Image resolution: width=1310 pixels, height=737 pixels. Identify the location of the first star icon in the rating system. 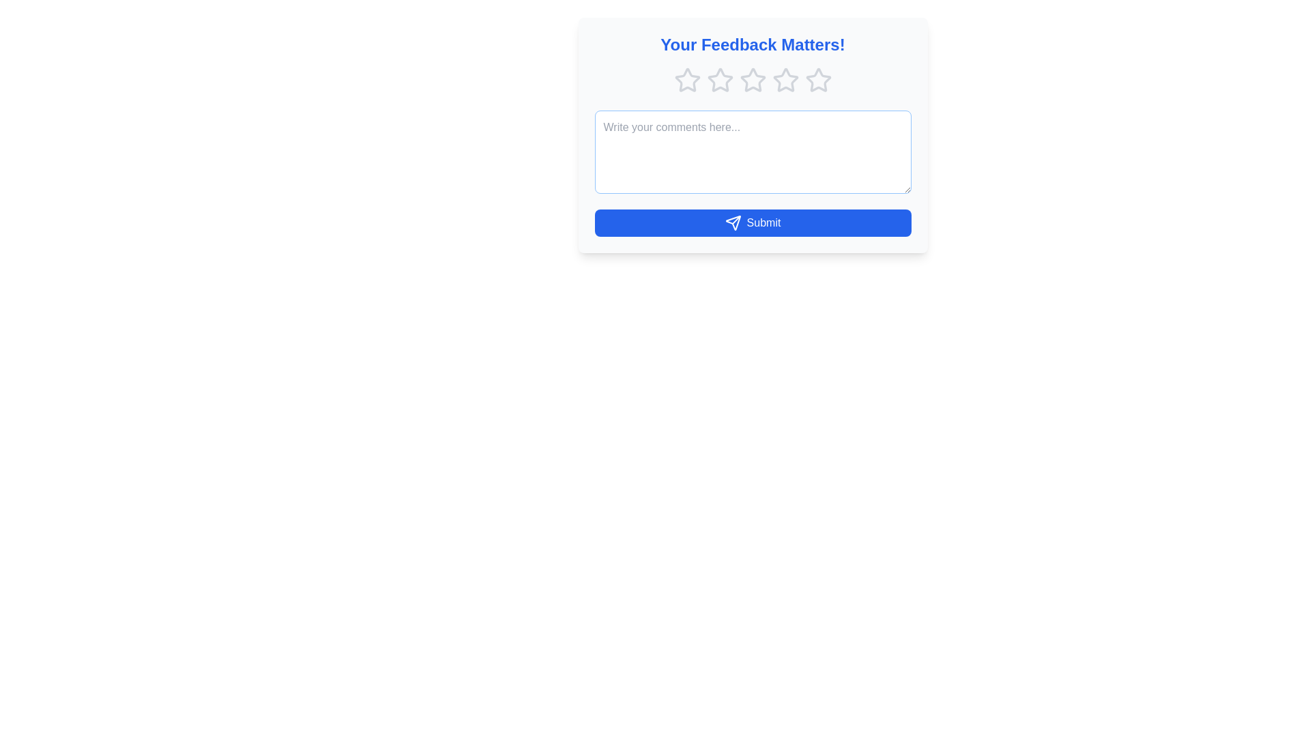
(687, 80).